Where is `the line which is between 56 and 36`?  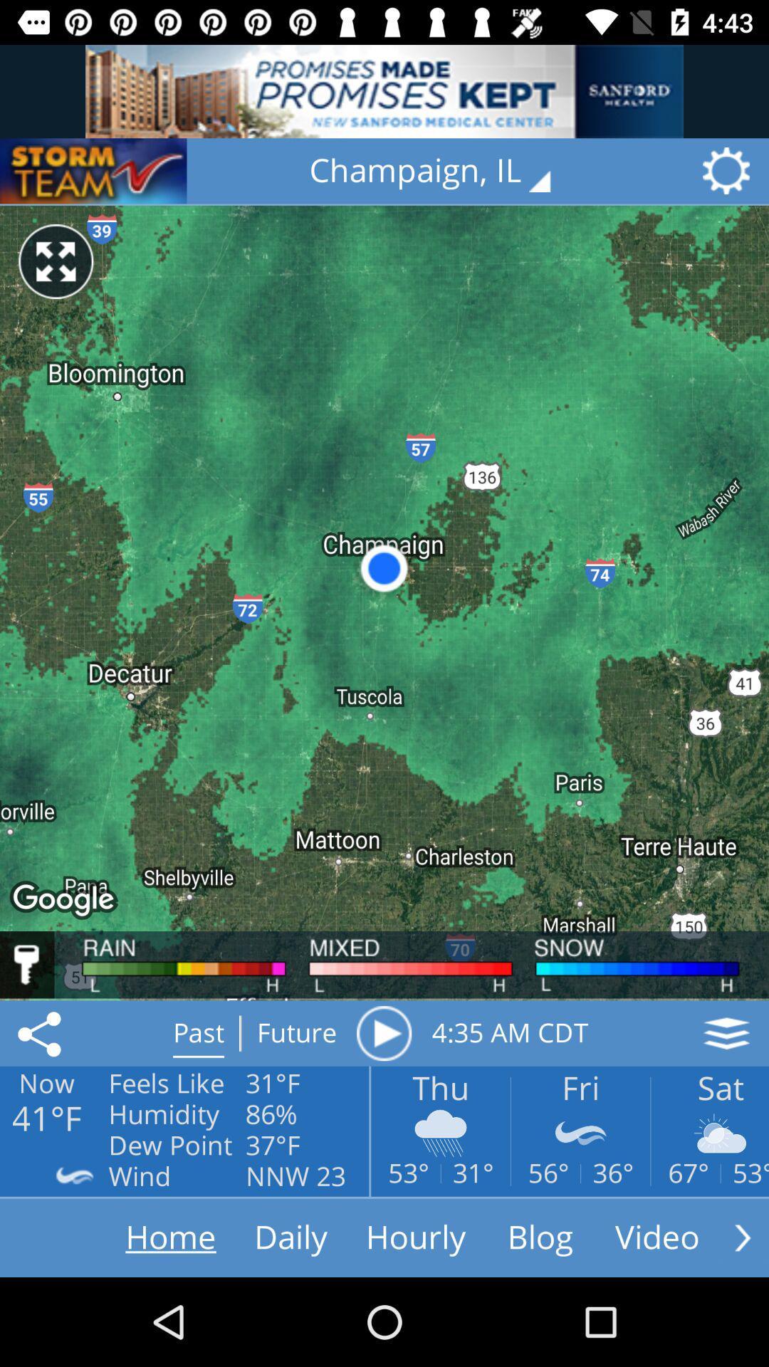 the line which is between 56 and 36 is located at coordinates (580, 1173).